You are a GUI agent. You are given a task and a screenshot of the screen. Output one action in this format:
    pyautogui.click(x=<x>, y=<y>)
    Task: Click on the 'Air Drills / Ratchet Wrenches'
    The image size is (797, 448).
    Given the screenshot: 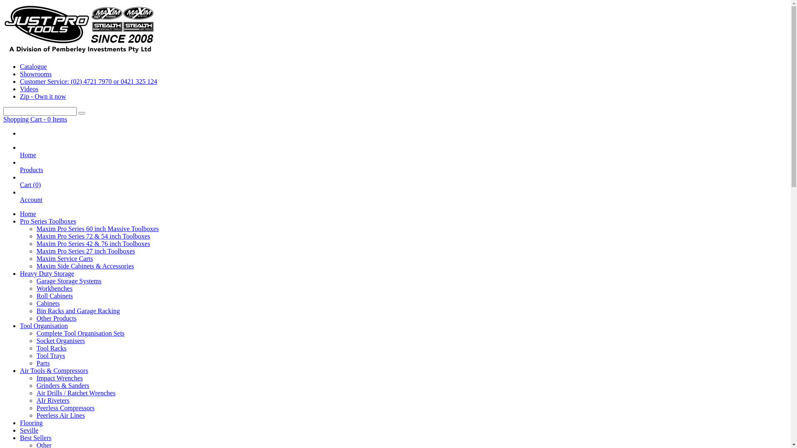 What is the action you would take?
    pyautogui.click(x=76, y=392)
    